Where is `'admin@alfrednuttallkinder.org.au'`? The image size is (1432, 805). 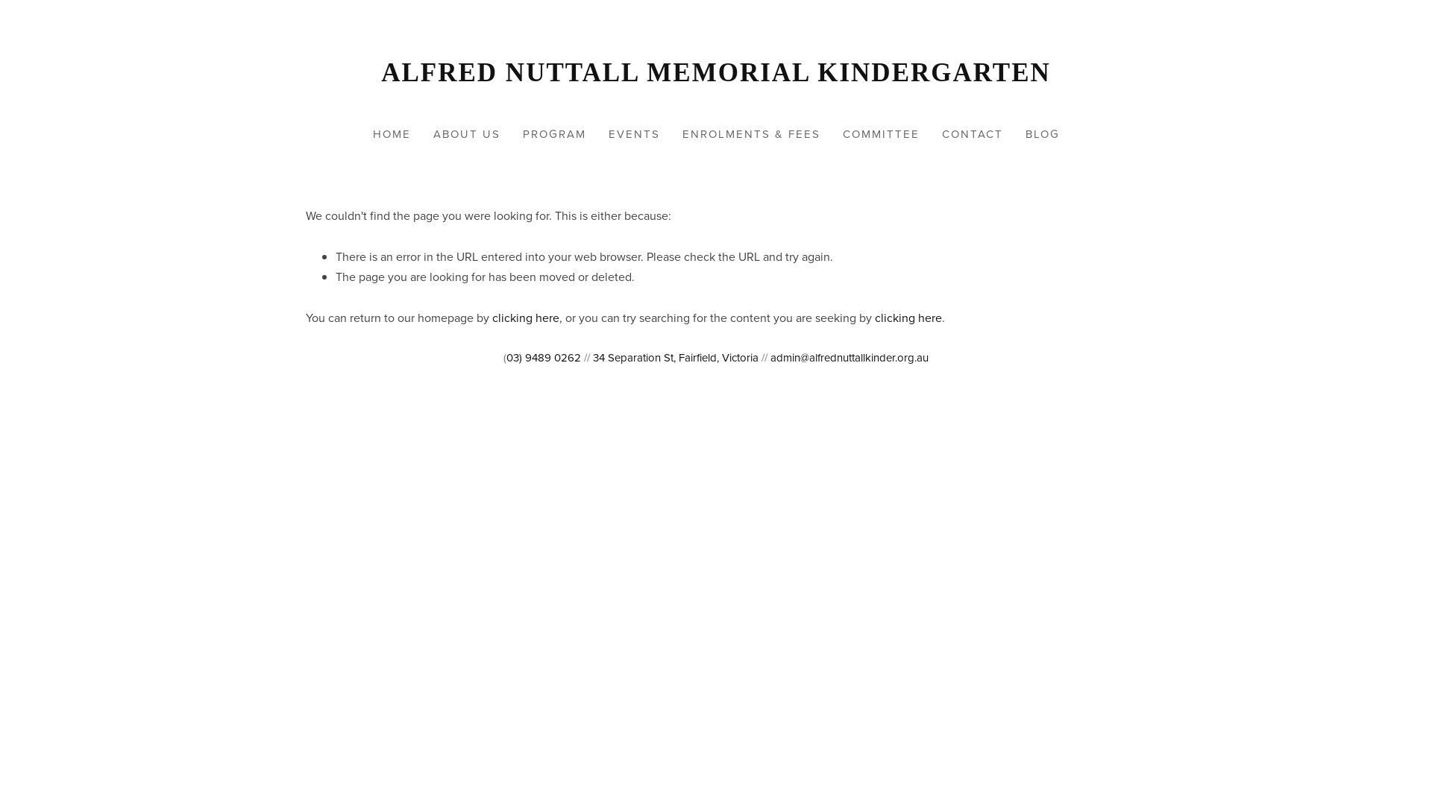 'admin@alfrednuttallkinder.org.au' is located at coordinates (849, 357).